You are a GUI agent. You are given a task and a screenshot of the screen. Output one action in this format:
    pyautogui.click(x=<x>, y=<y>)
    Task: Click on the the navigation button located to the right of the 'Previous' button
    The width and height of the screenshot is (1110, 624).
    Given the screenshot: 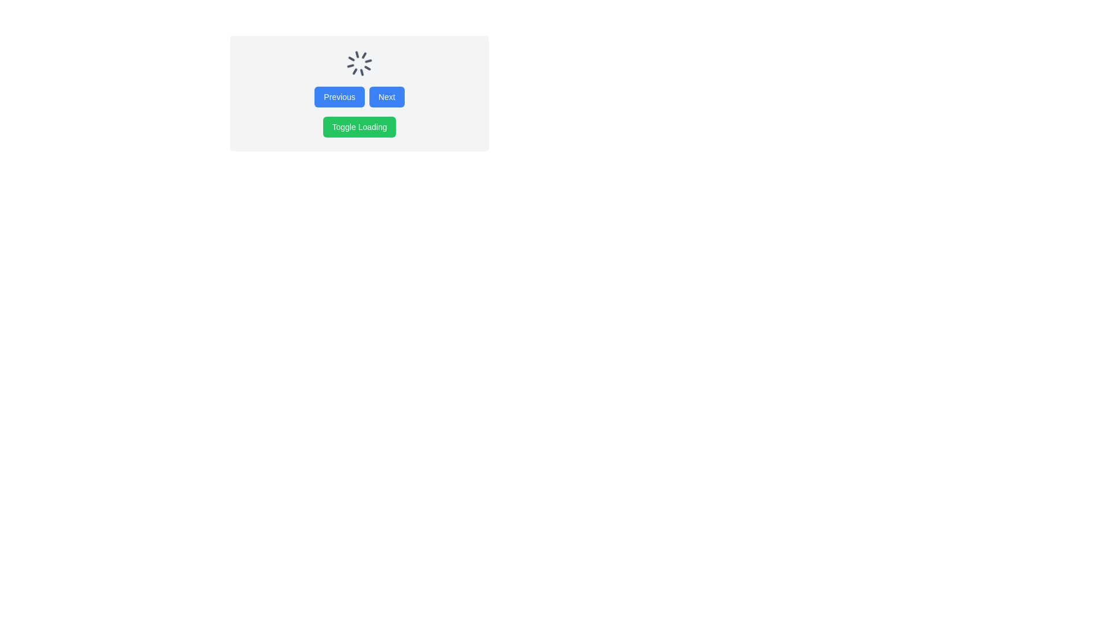 What is the action you would take?
    pyautogui.click(x=387, y=96)
    